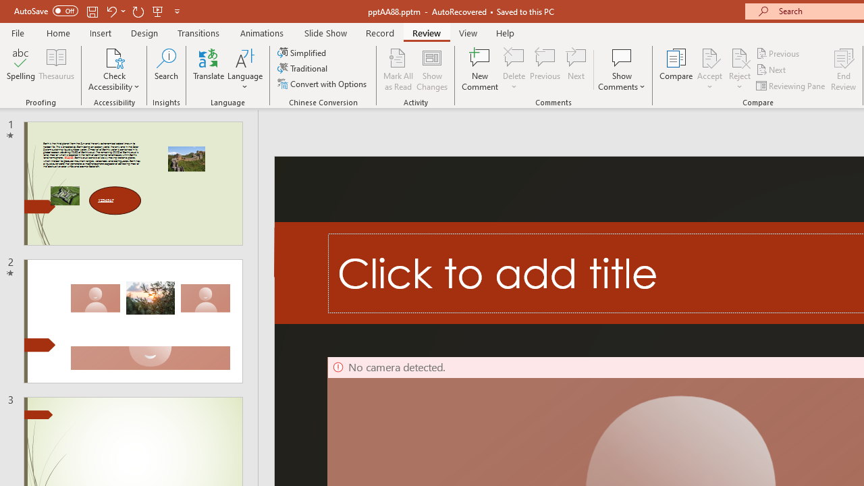 The height and width of the screenshot is (486, 864). What do you see at coordinates (398, 70) in the screenshot?
I see `'Mark All as Read'` at bounding box center [398, 70].